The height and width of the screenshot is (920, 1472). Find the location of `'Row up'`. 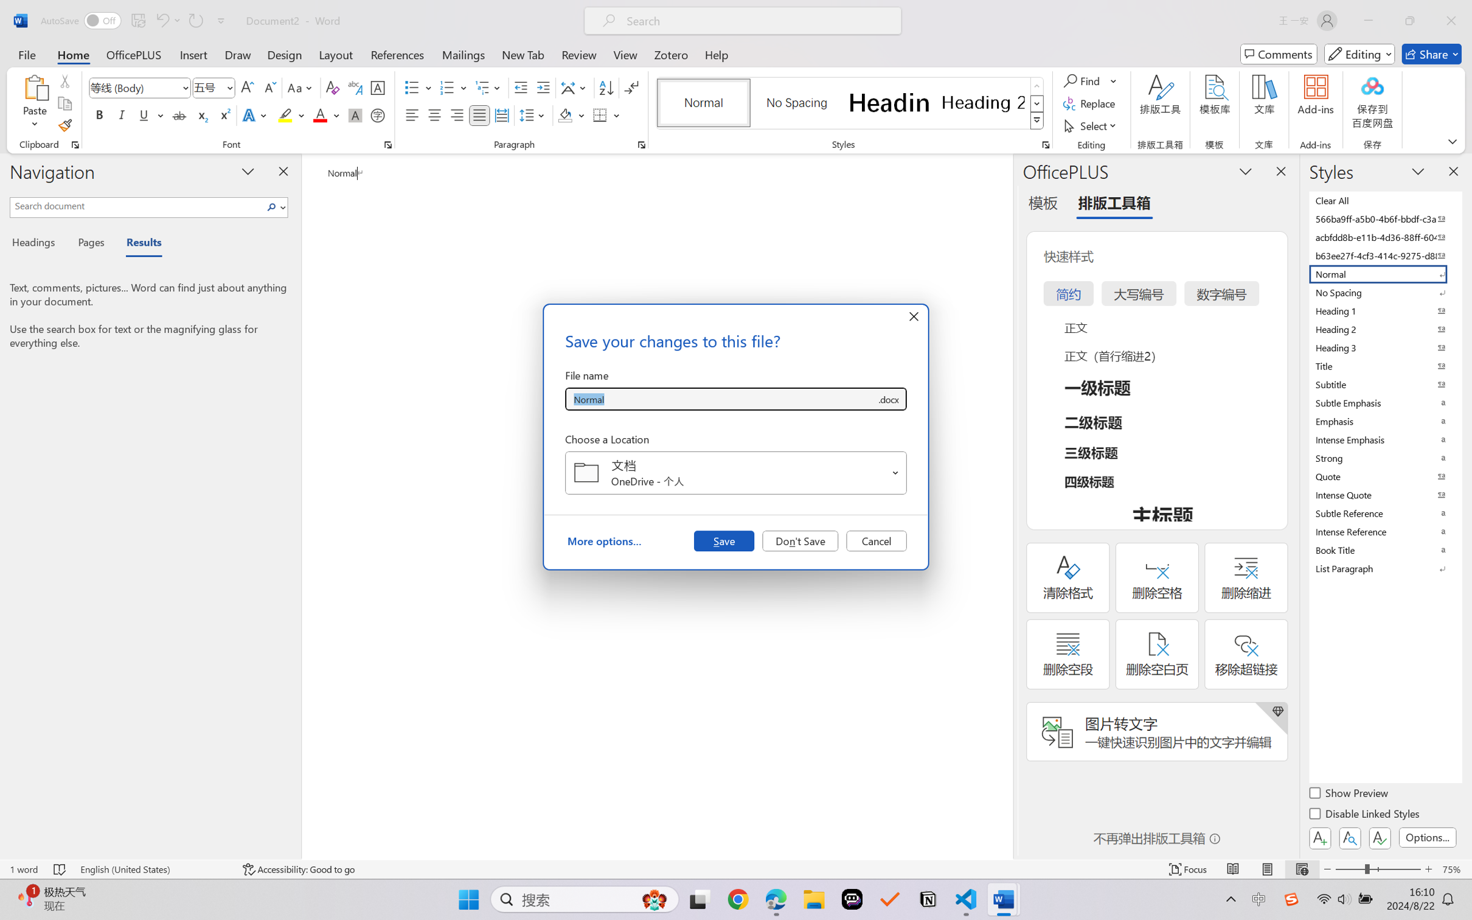

'Row up' is located at coordinates (1036, 86).